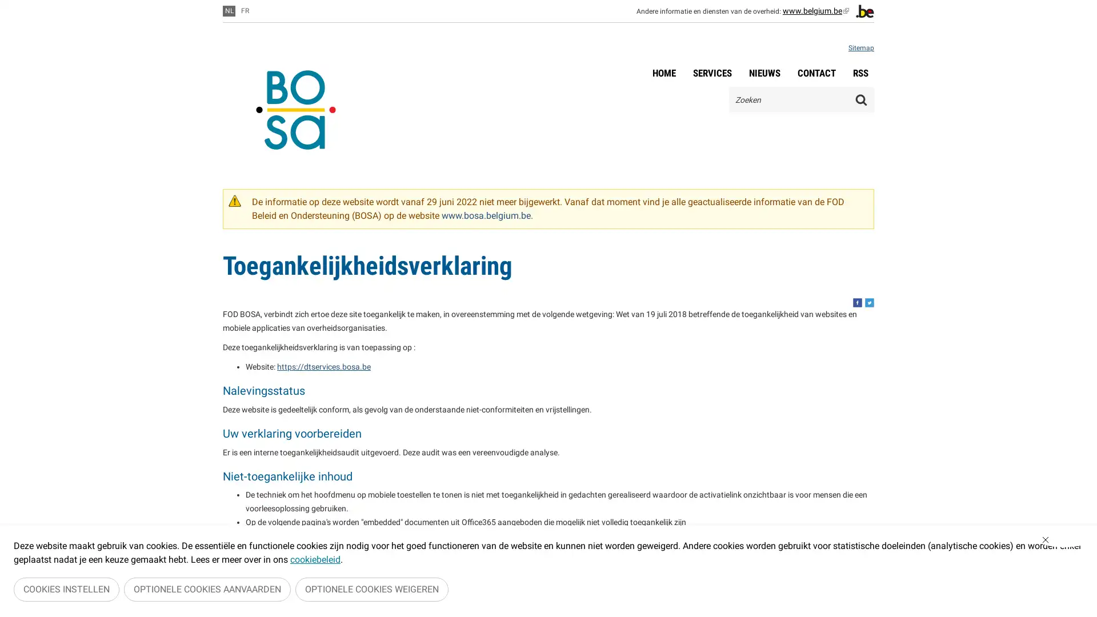 Image resolution: width=1097 pixels, height=617 pixels. What do you see at coordinates (372, 591) in the screenshot?
I see `OPTIONELE COOKIES WEIGEREN` at bounding box center [372, 591].